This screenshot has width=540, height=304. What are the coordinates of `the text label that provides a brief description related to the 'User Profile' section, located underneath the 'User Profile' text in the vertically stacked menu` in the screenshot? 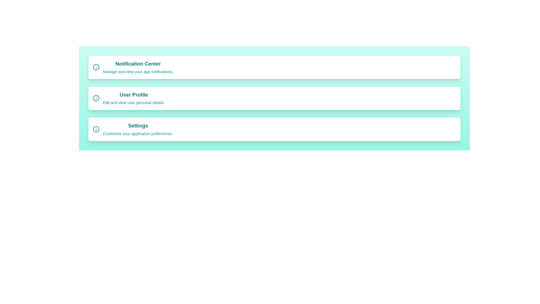 It's located at (134, 103).